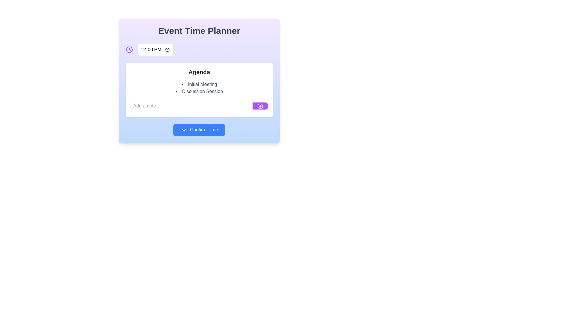  Describe the element at coordinates (199, 88) in the screenshot. I see `the bullet point list located below the 'Agenda' title in the 'Event Time Planner' section to use context and understand the event agenda` at that location.